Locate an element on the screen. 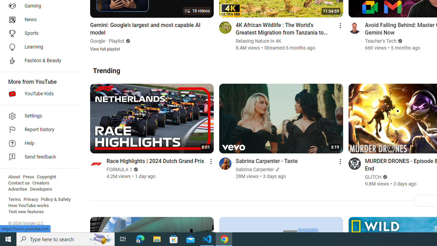 This screenshot has width=437, height=246. 'Teacher' is located at coordinates (380, 41).